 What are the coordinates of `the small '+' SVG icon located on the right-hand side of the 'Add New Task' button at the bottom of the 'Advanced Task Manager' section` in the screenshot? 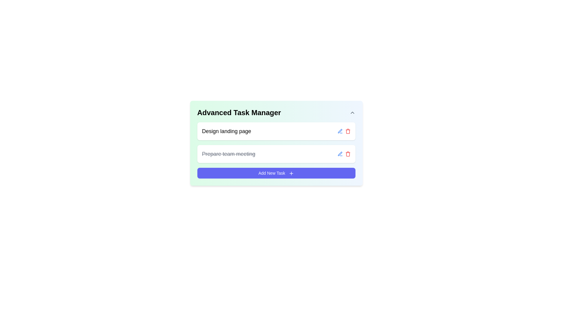 It's located at (291, 173).